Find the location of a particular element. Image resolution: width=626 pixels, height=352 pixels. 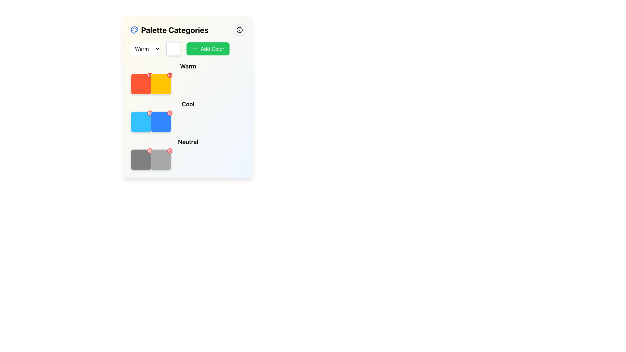

the palette icon, which is visually represented by a blue outline styled as an artist's palette with small circular indicators, located at the top-left corner of the 'Palette Categories' section is located at coordinates (134, 30).